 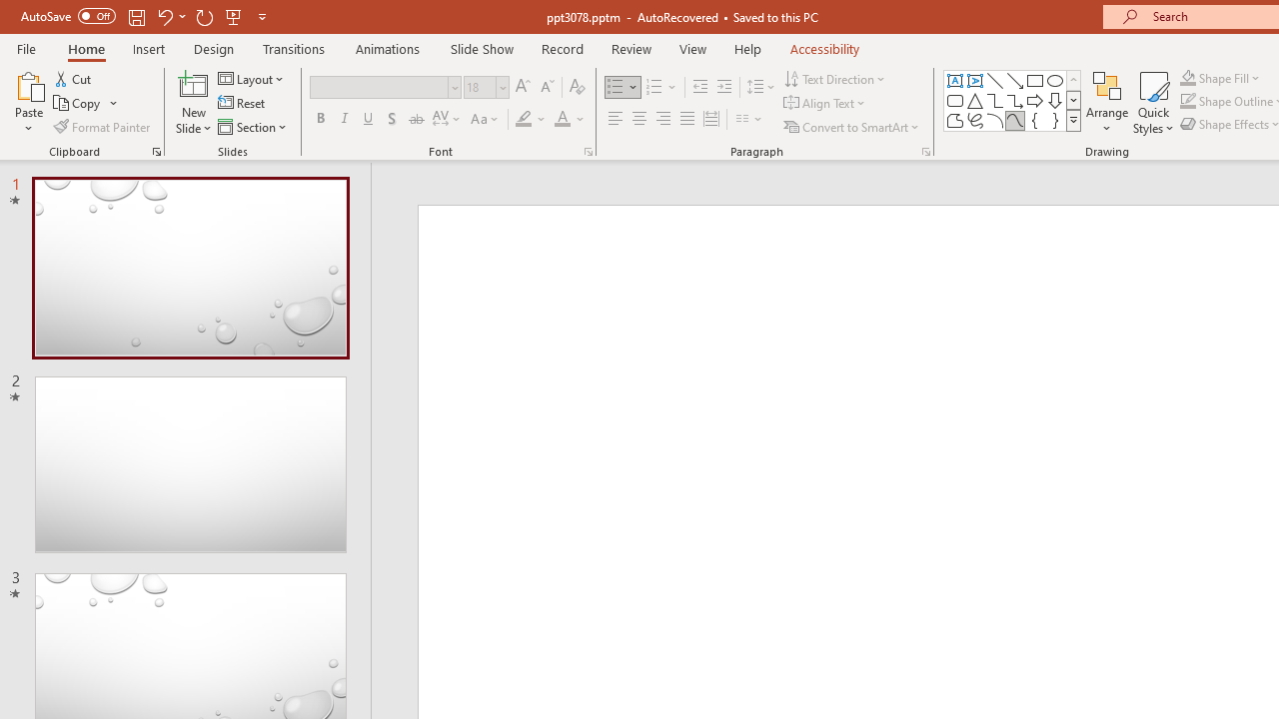 I want to click on 'Layout', so click(x=251, y=78).